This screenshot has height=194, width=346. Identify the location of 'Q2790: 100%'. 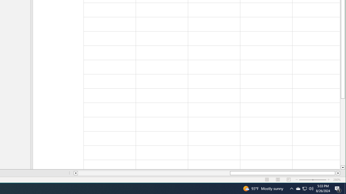
(311, 188).